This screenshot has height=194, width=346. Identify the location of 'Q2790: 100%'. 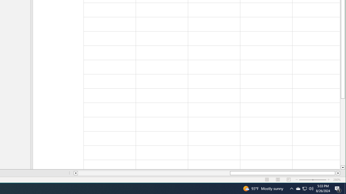
(311, 188).